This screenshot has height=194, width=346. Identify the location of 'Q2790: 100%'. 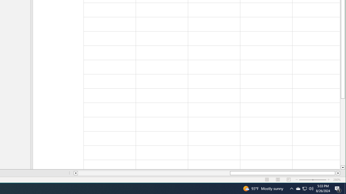
(311, 188).